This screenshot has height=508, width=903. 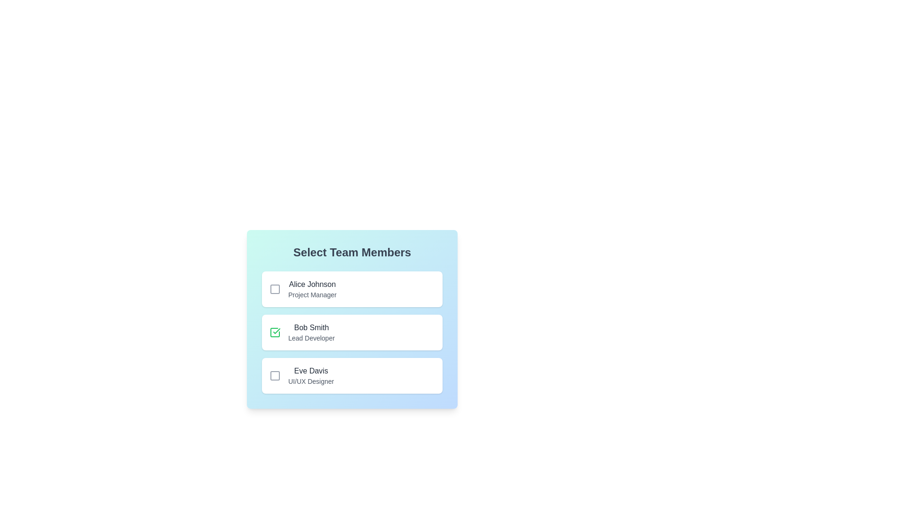 What do you see at coordinates (312, 284) in the screenshot?
I see `the Text Label displaying 'Alice Johnson' which is located in the topmost card of the team member list, to the right of the checkbox and above the secondary text 'Project Manager'` at bounding box center [312, 284].